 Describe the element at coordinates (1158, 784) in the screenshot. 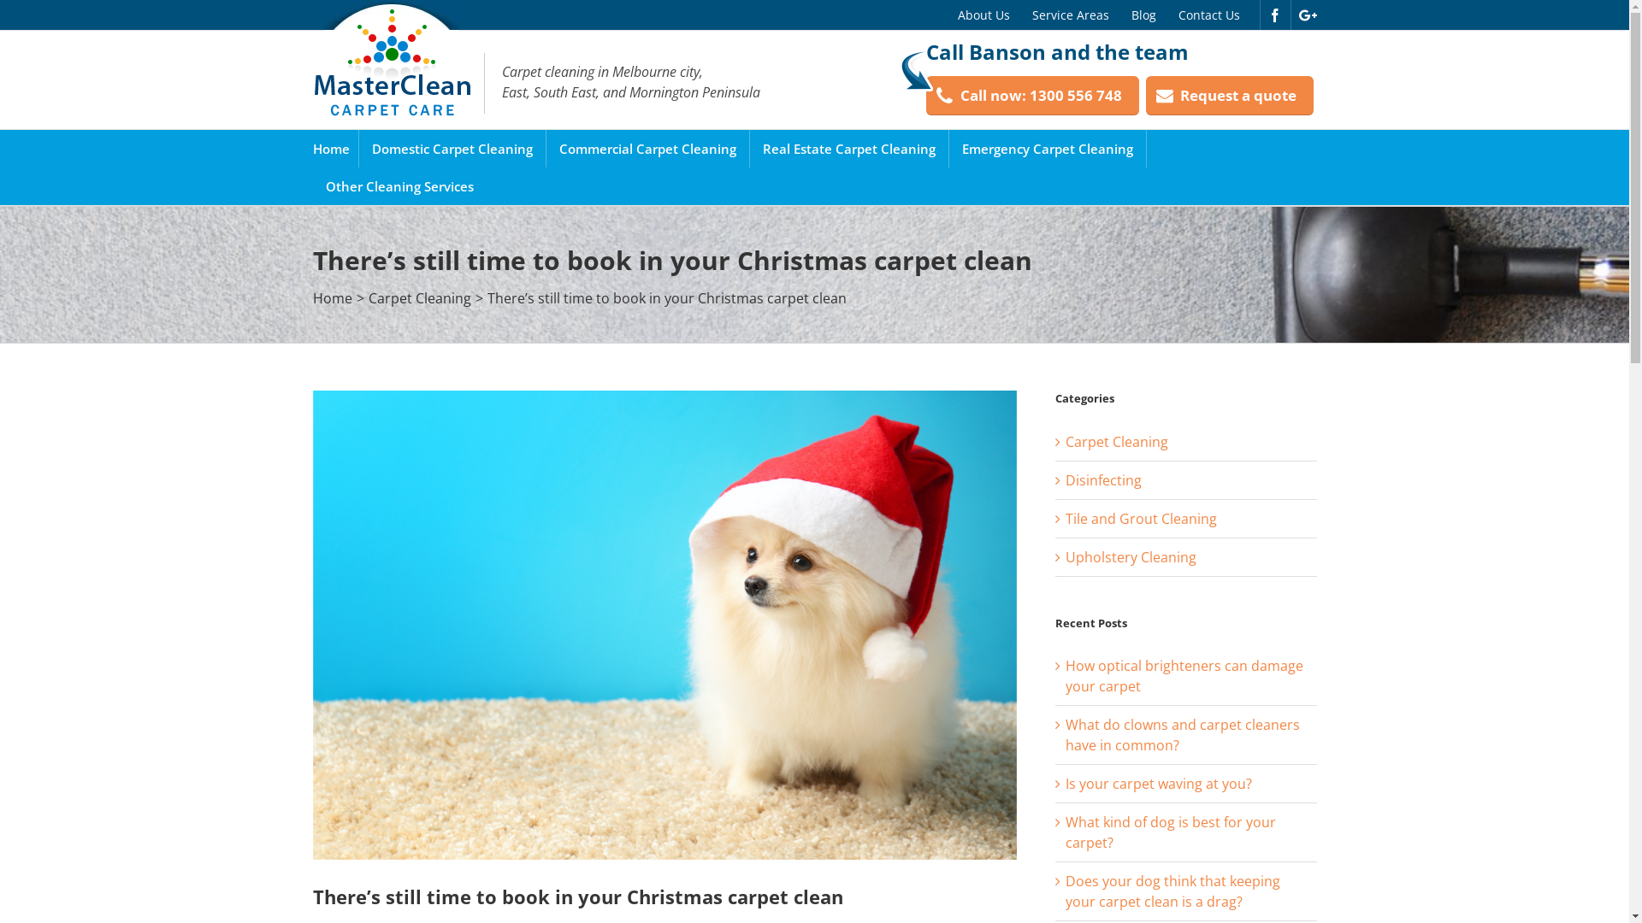

I see `'Is your carpet waving at you?'` at that location.